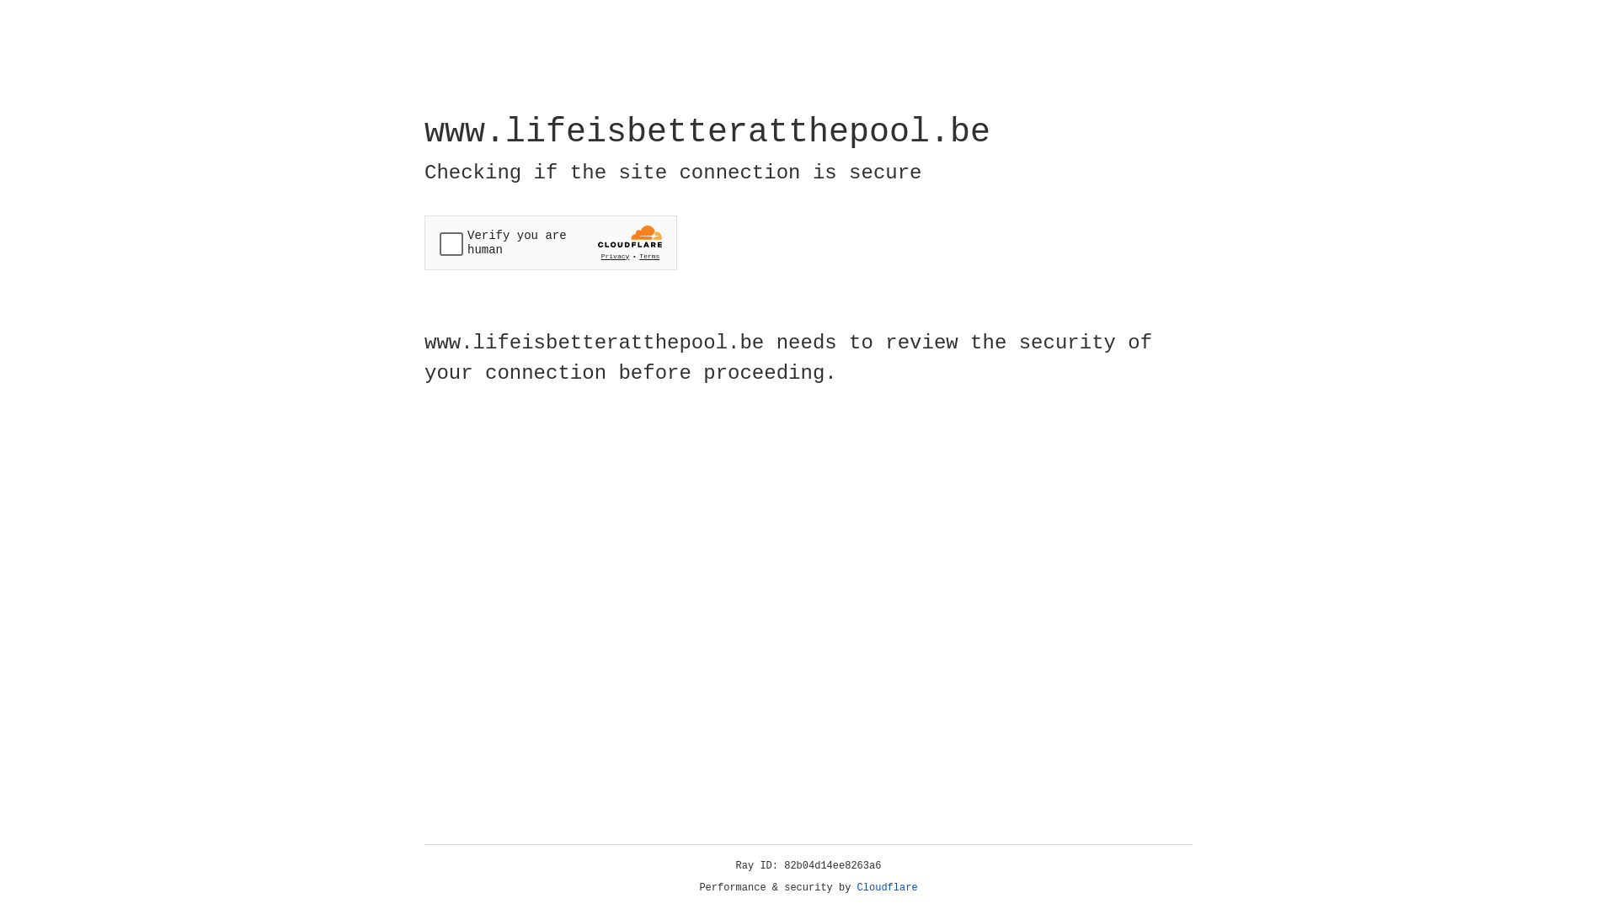  What do you see at coordinates (887, 887) in the screenshot?
I see `'Cloudflare'` at bounding box center [887, 887].